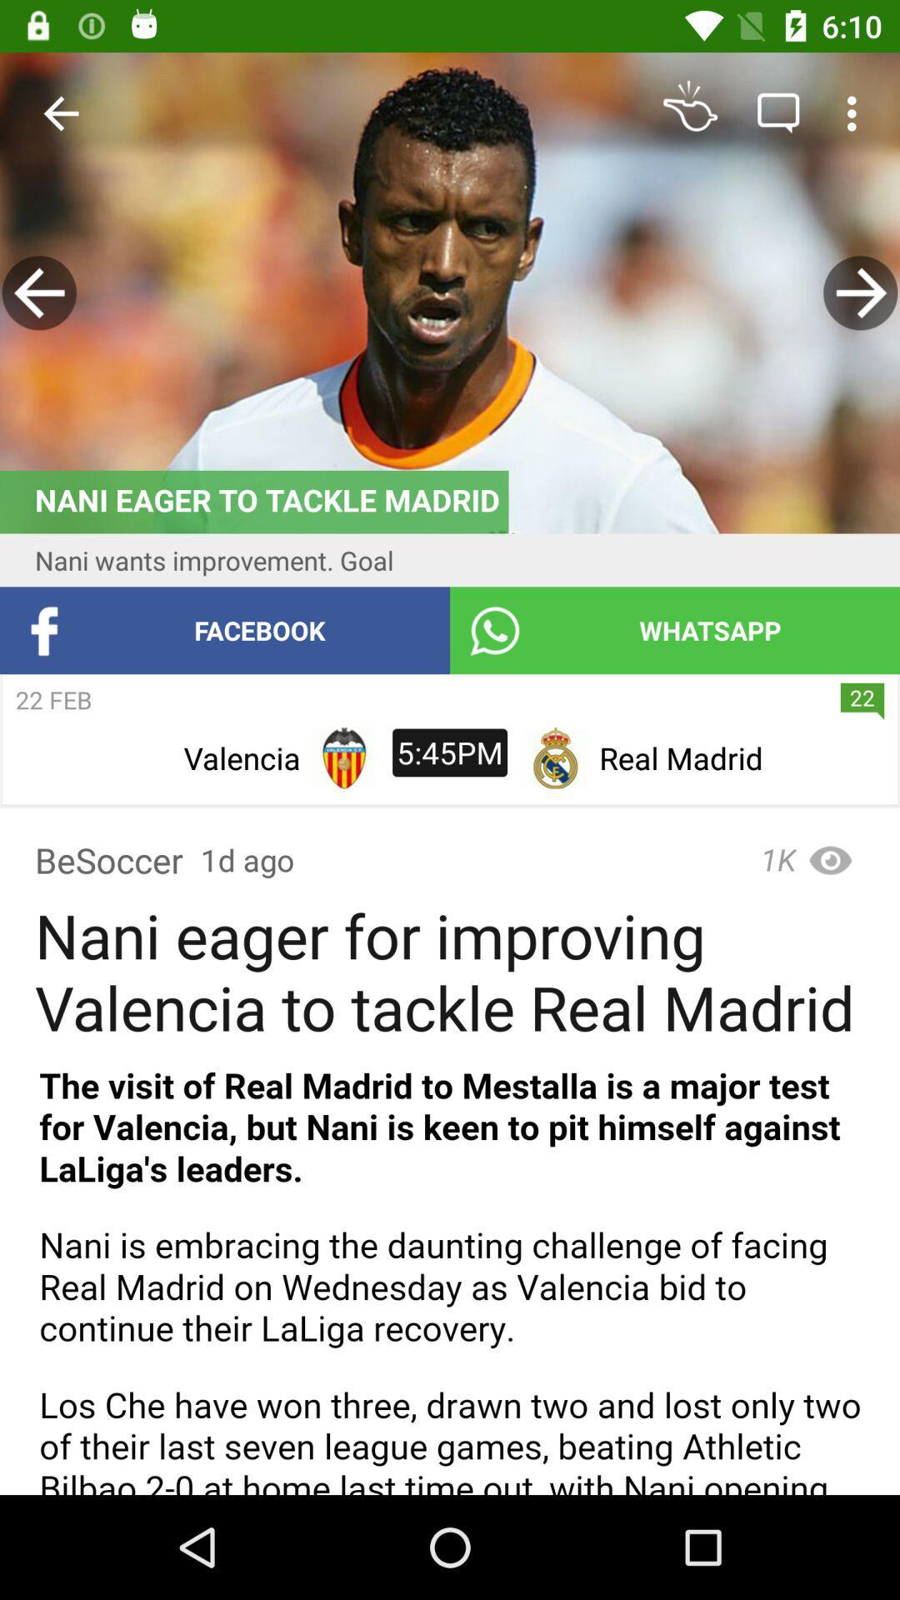 This screenshot has width=900, height=1600. What do you see at coordinates (38, 292) in the screenshot?
I see `go back` at bounding box center [38, 292].